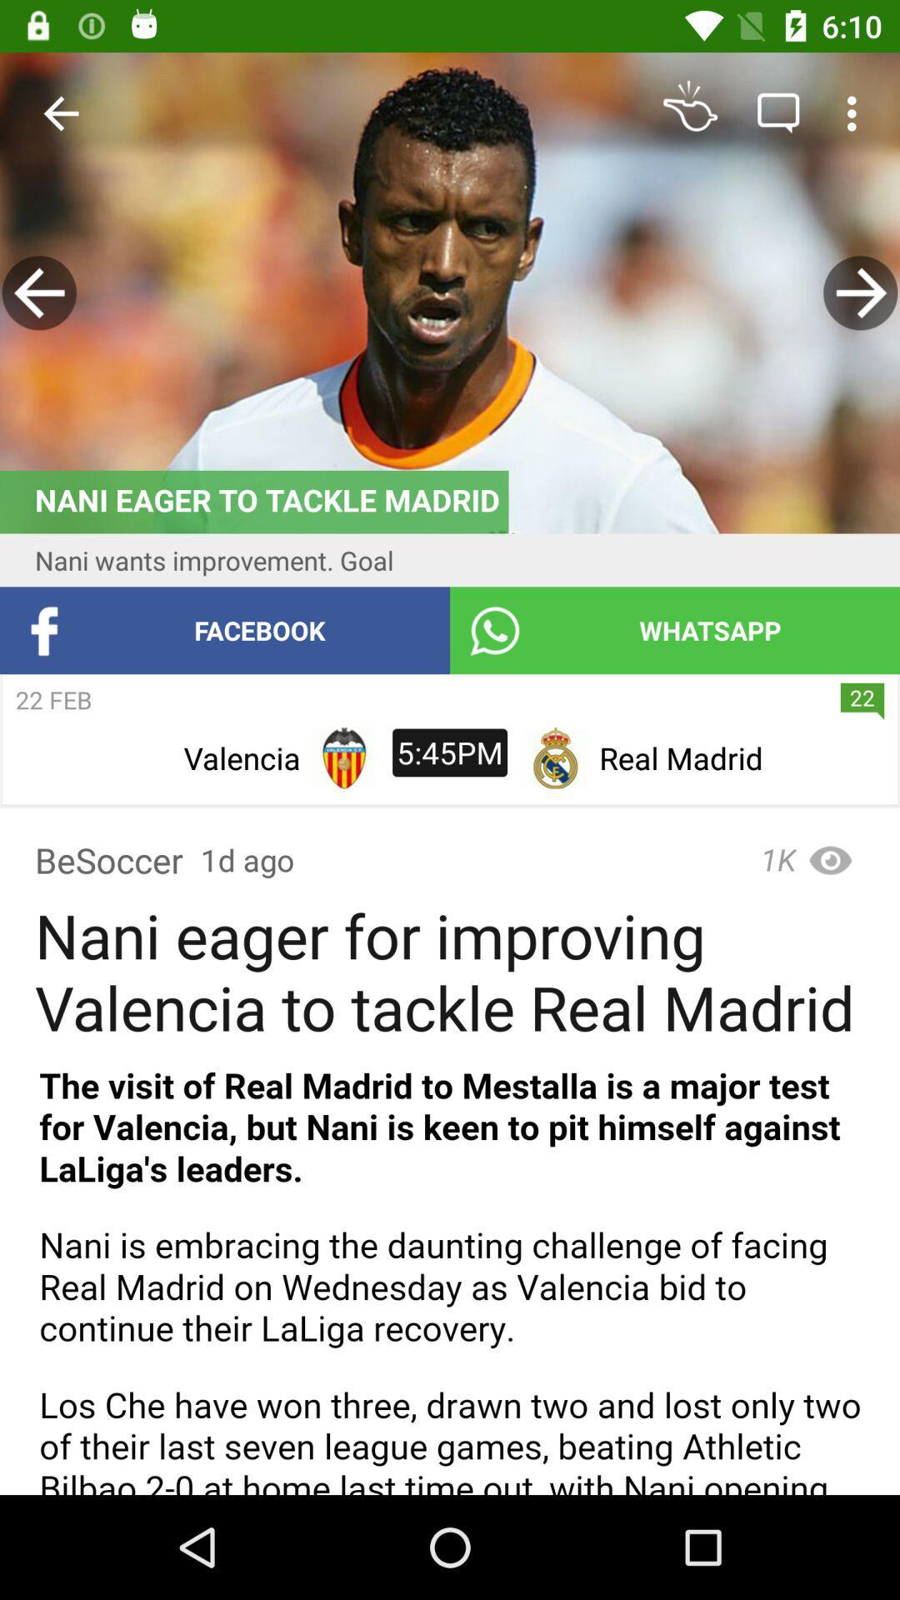 This screenshot has width=900, height=1600. What do you see at coordinates (38, 292) in the screenshot?
I see `go back` at bounding box center [38, 292].